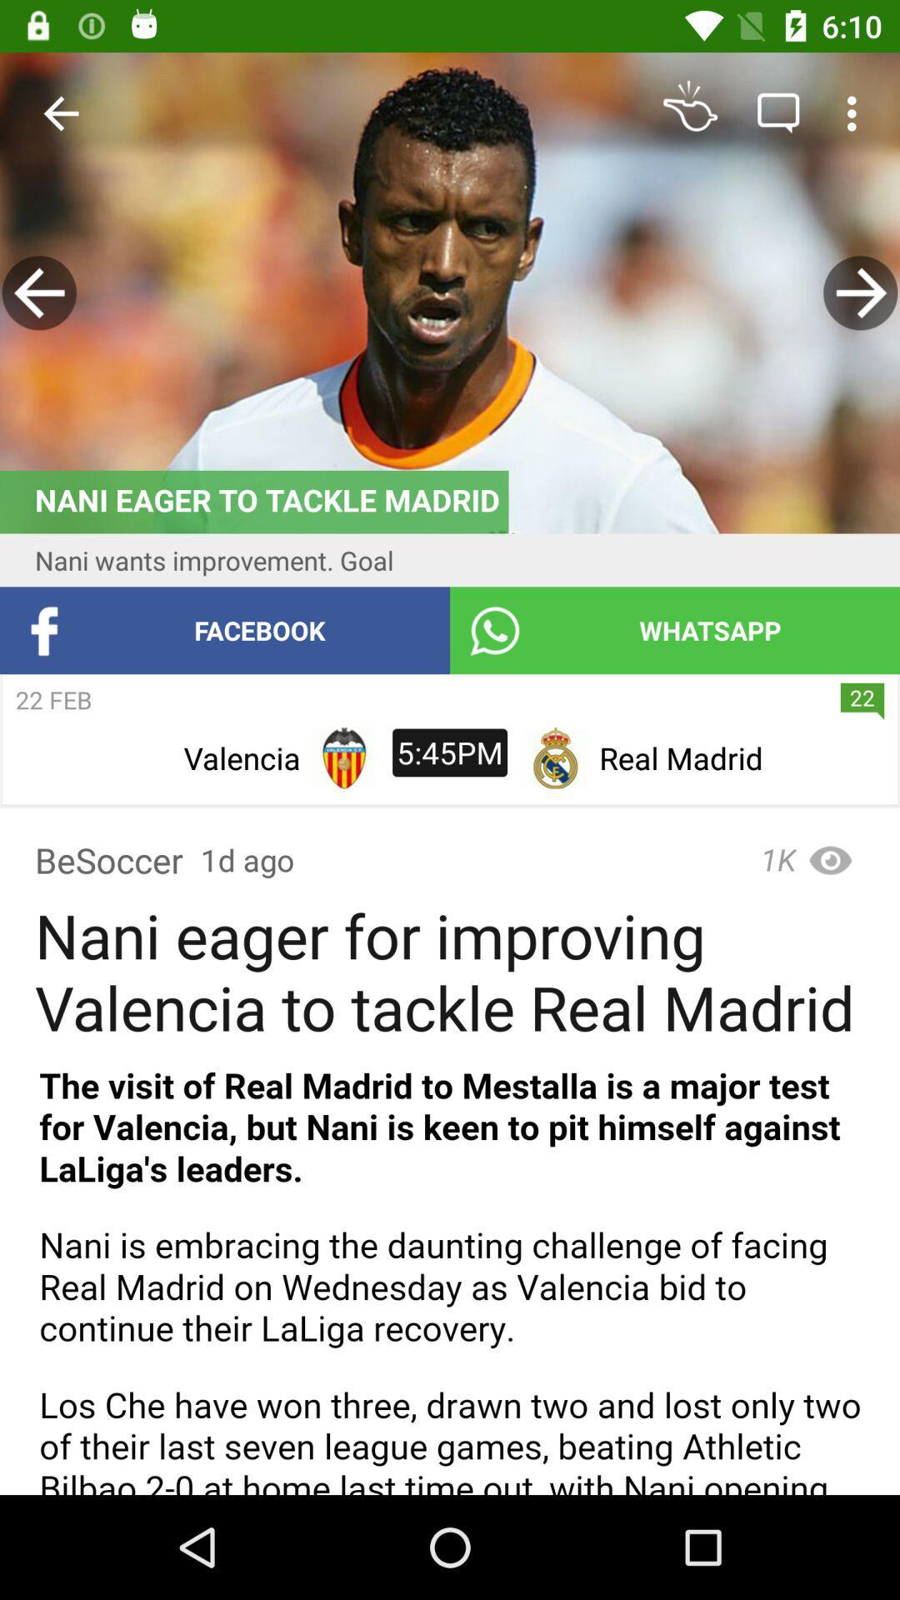 This screenshot has width=900, height=1600. What do you see at coordinates (38, 292) in the screenshot?
I see `go back` at bounding box center [38, 292].